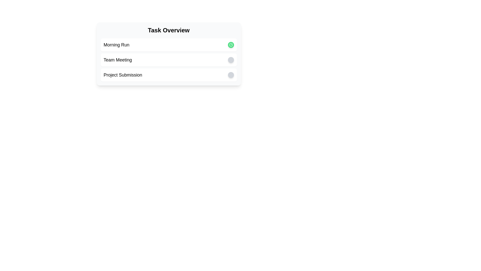  Describe the element at coordinates (169, 60) in the screenshot. I see `the list item representing the task 'Team Meeting'` at that location.